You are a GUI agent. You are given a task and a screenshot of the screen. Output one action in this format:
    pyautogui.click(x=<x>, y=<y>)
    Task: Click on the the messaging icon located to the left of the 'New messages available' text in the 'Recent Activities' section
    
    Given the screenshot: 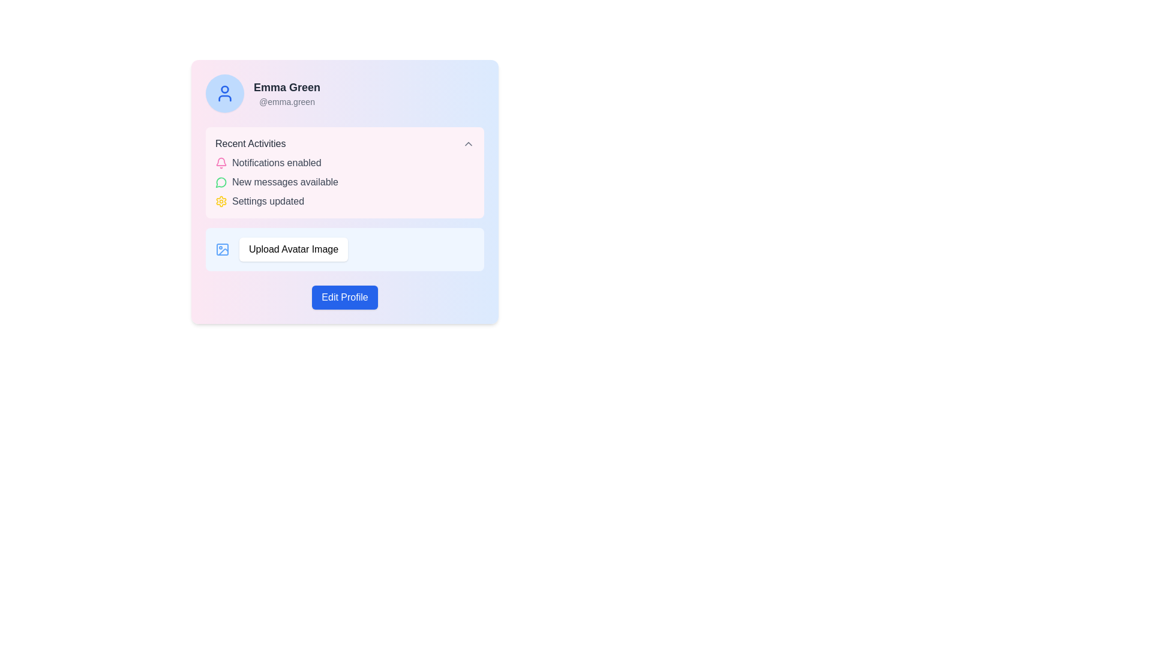 What is the action you would take?
    pyautogui.click(x=221, y=182)
    